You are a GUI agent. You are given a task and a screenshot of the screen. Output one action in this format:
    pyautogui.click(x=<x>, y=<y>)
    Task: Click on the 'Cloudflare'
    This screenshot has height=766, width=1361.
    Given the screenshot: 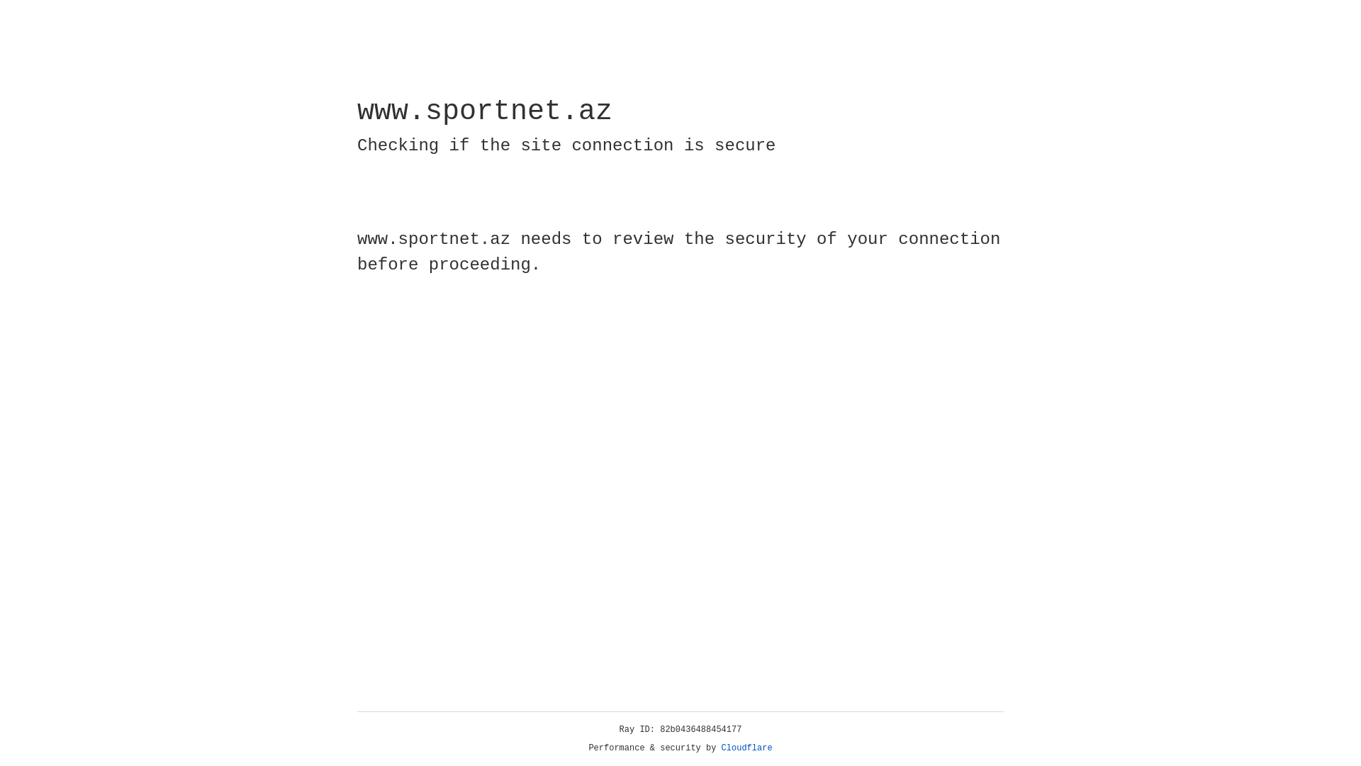 What is the action you would take?
    pyautogui.click(x=746, y=748)
    